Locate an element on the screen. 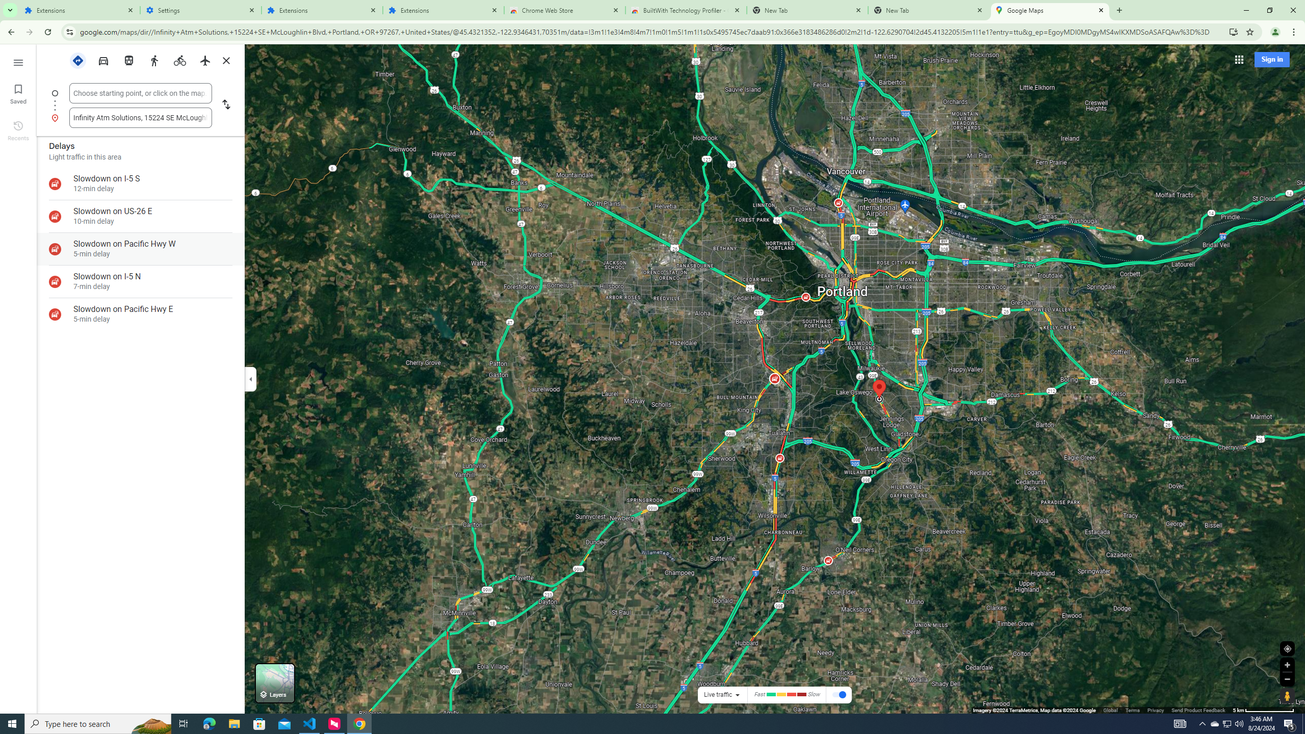  'Reverse starting point and destination' is located at coordinates (225, 105).